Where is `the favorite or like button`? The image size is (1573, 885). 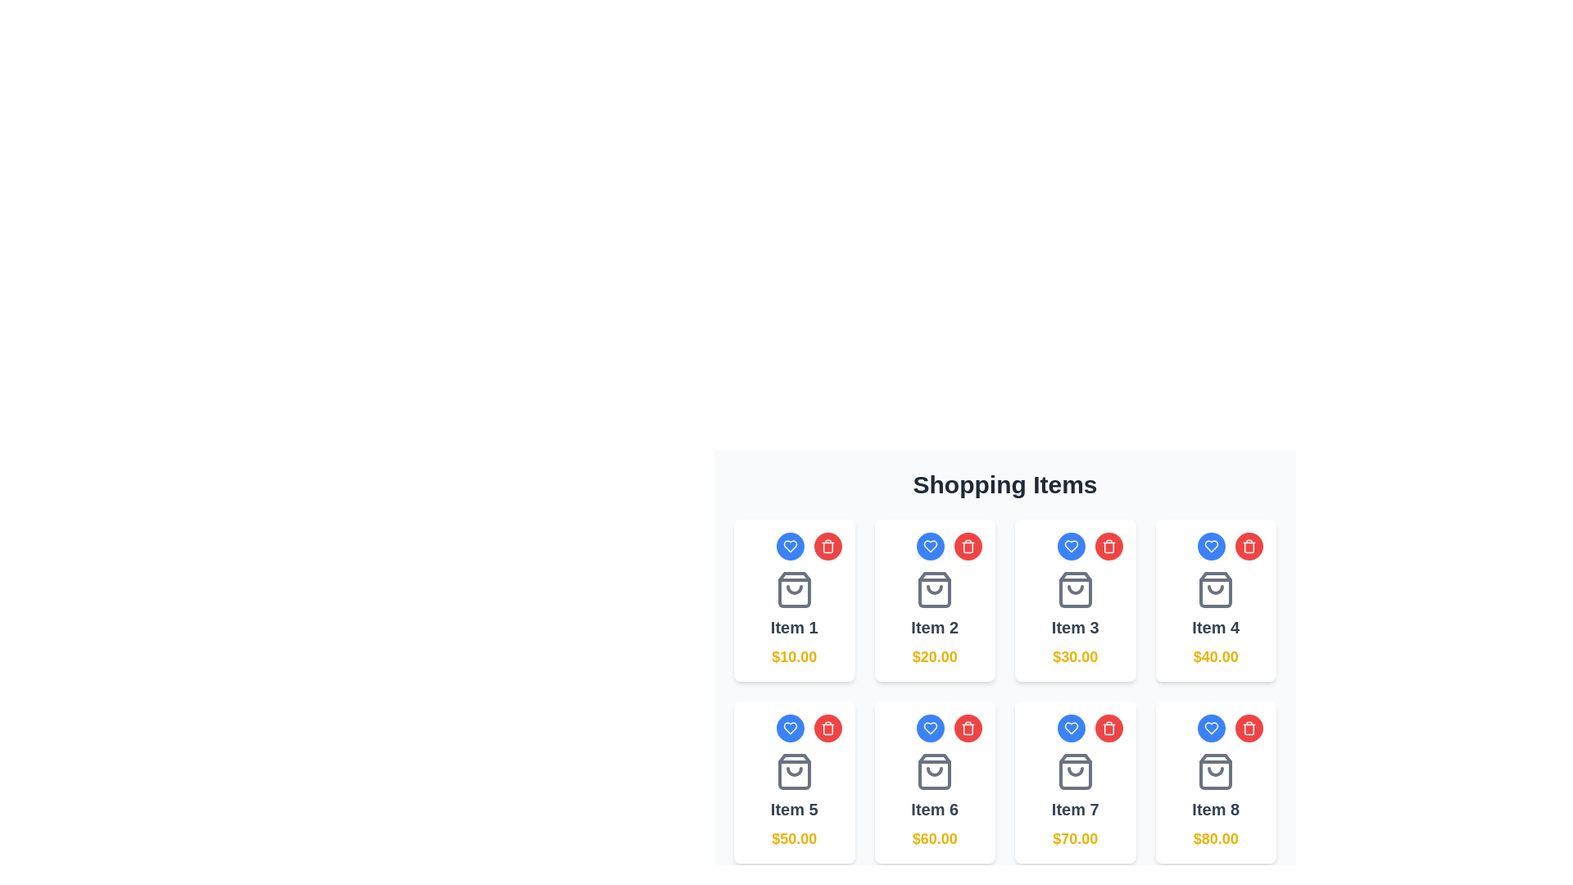 the favorite or like button is located at coordinates (931, 727).